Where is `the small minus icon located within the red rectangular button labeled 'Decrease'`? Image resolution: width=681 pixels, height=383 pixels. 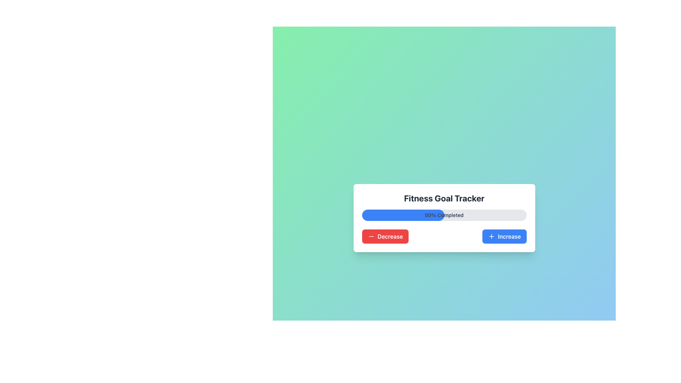
the small minus icon located within the red rectangular button labeled 'Decrease' is located at coordinates (371, 237).